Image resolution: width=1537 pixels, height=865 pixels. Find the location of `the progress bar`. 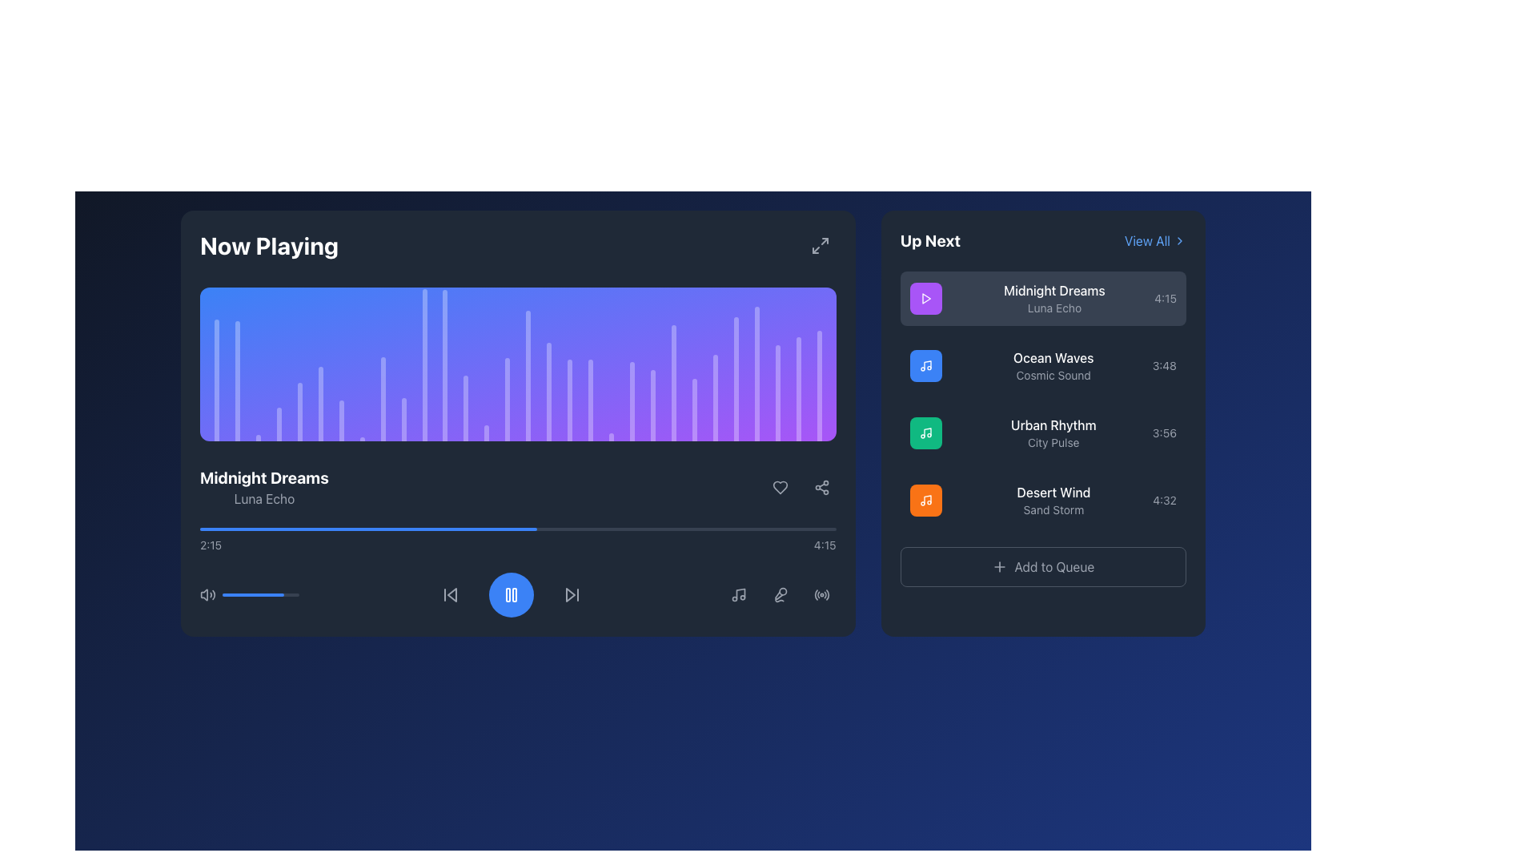

the progress bar is located at coordinates (810, 529).